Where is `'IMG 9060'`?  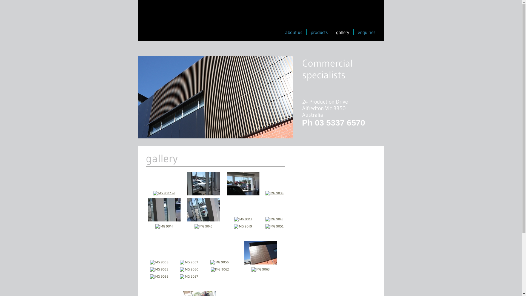
'IMG 9060' is located at coordinates (189, 269).